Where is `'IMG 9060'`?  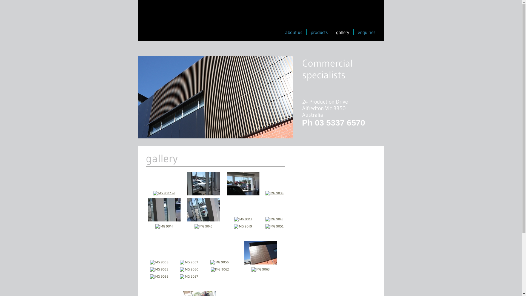
'IMG 9060' is located at coordinates (189, 269).